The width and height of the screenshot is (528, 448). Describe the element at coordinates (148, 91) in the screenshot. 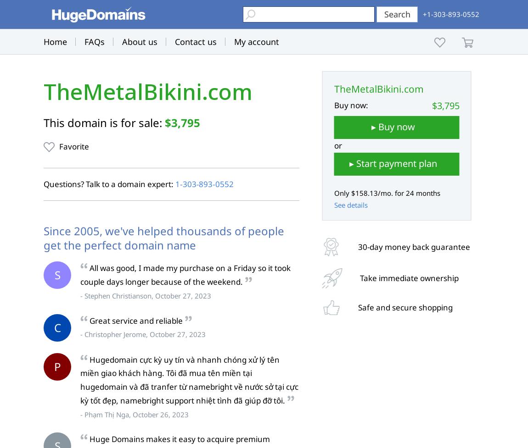

I see `'TheMetalBikini.com'` at that location.